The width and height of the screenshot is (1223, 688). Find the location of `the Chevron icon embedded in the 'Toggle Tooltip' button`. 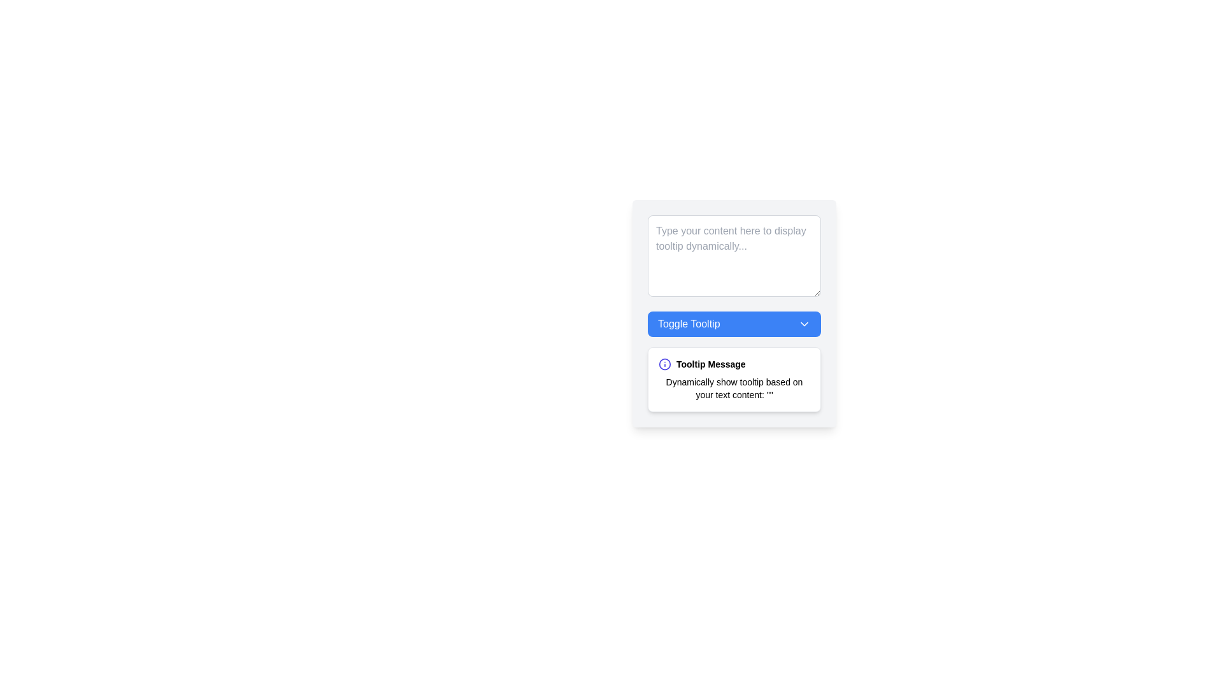

the Chevron icon embedded in the 'Toggle Tooltip' button is located at coordinates (803, 324).